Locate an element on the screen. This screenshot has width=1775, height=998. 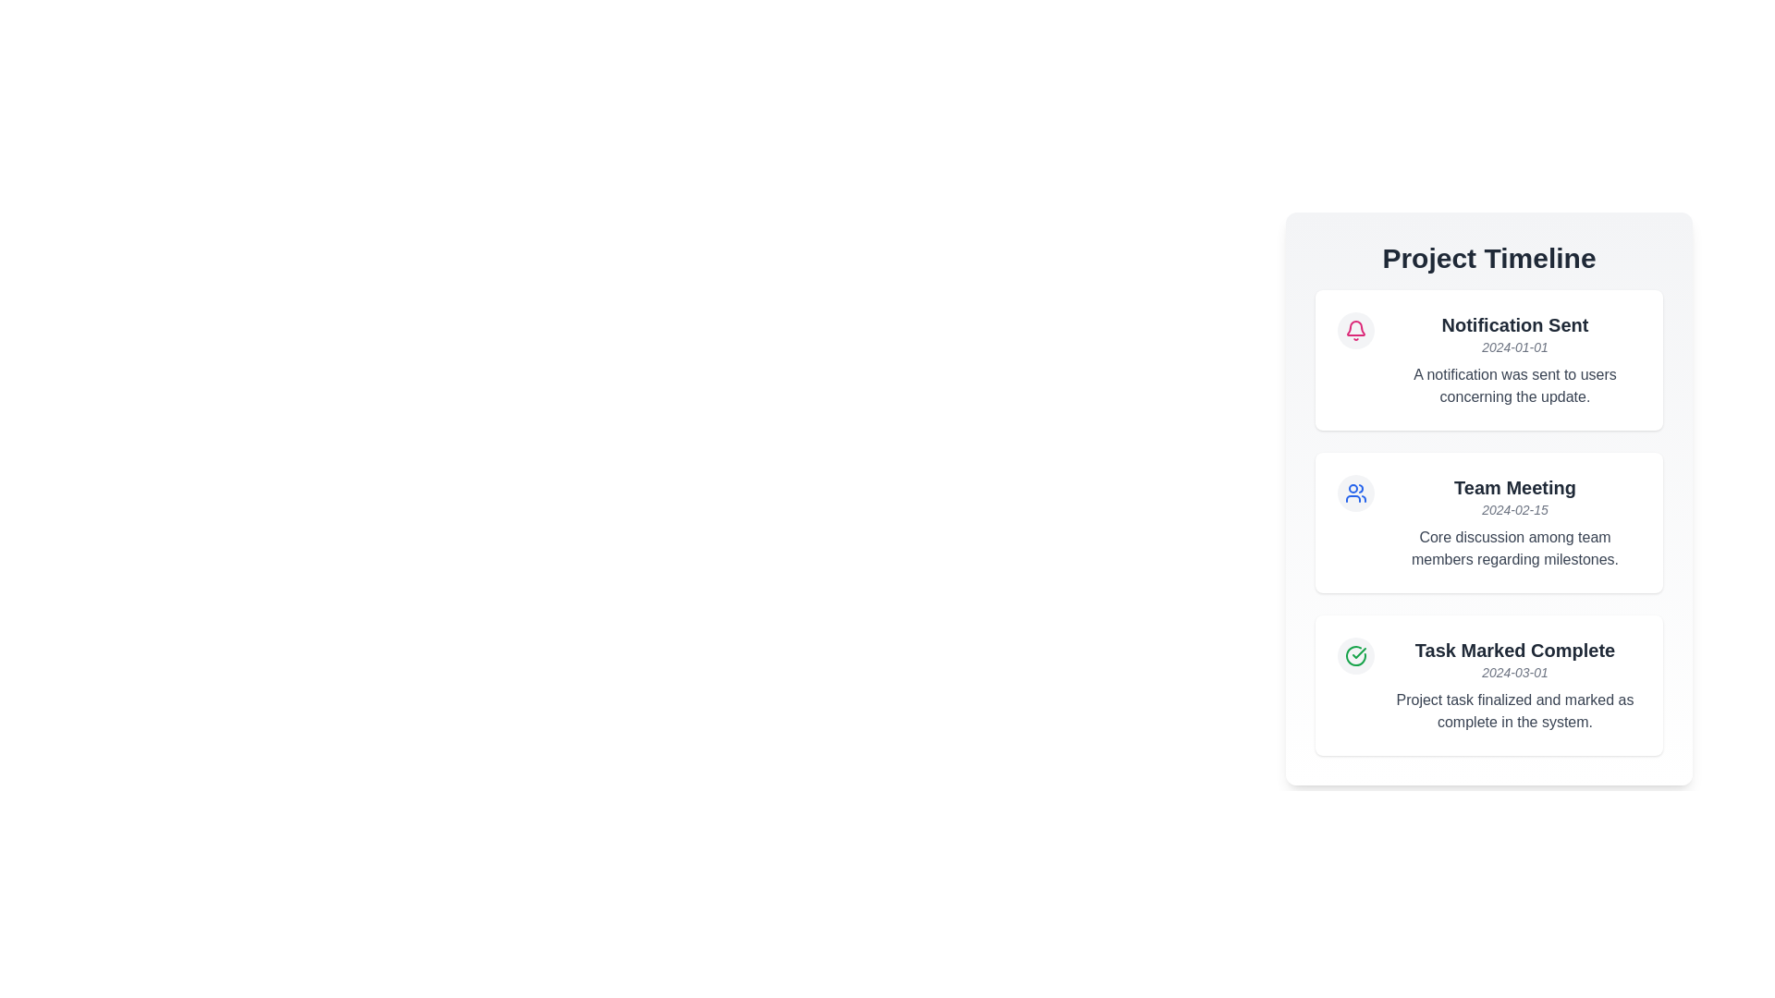
the second Information Card representing a team meeting event in the timeline section, located between the 'Notification Sent' card and the 'Task Marked Complete' card is located at coordinates (1489, 523).